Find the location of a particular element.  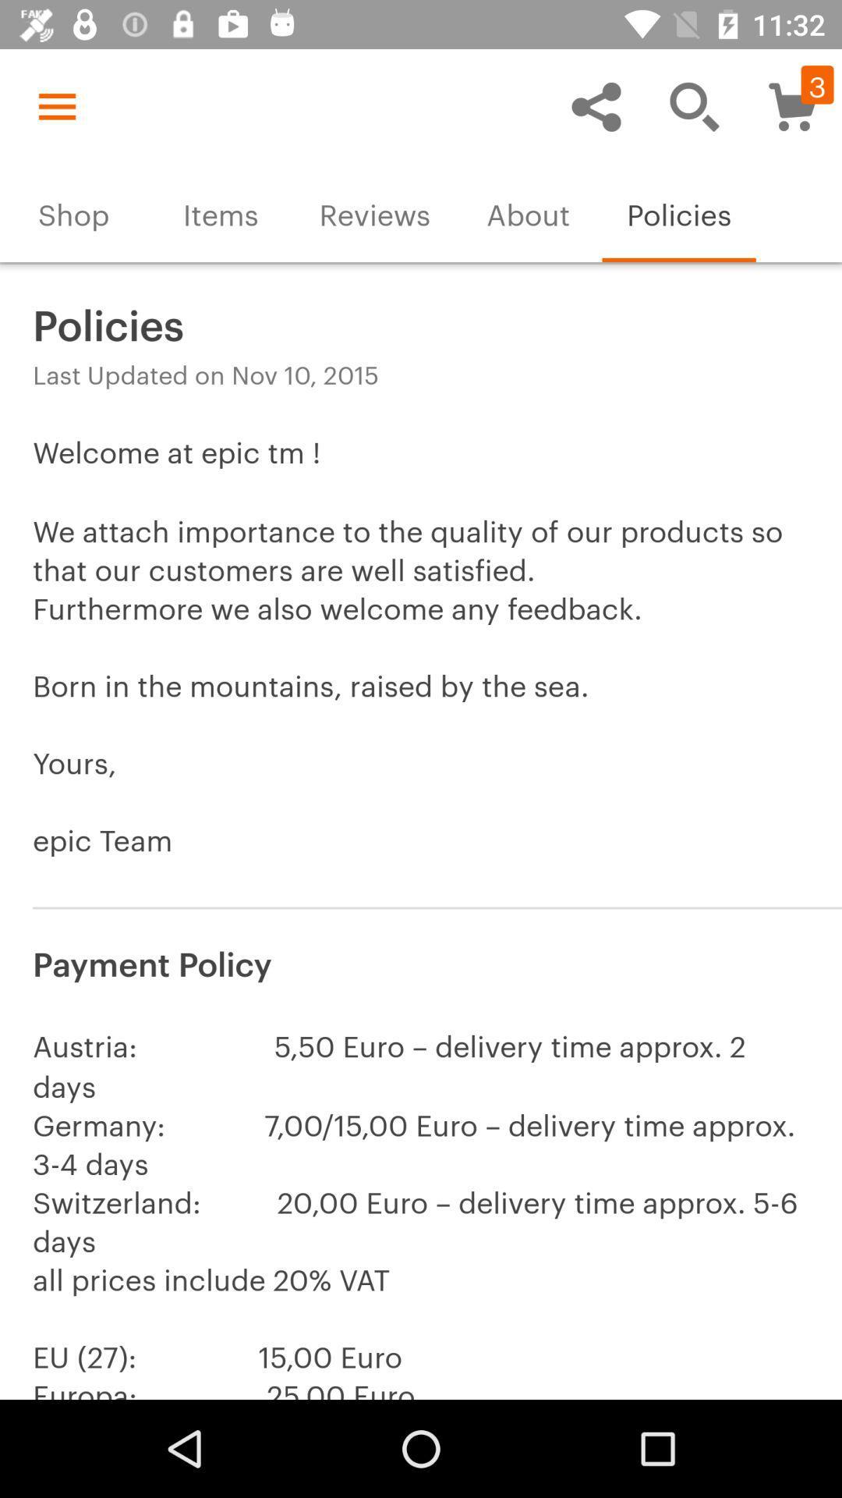

the item above about icon is located at coordinates (596, 105).